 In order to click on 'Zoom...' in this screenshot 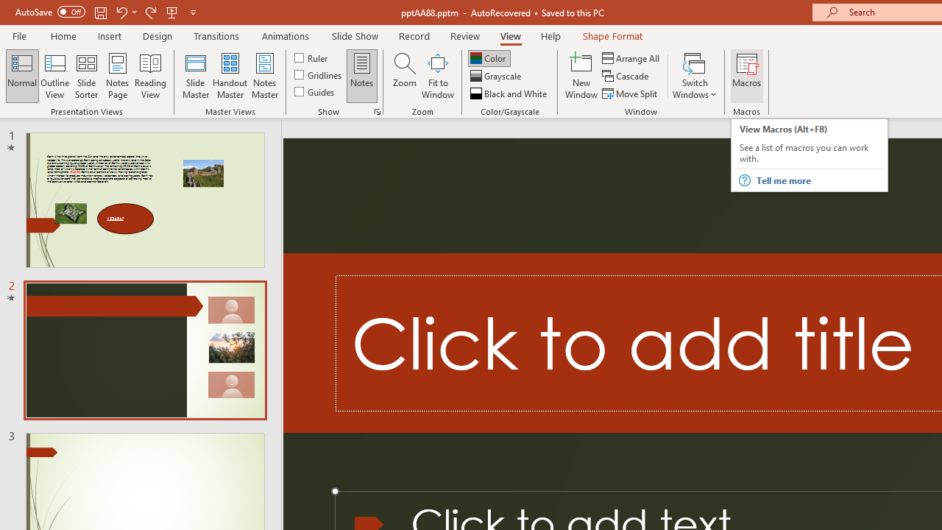, I will do `click(404, 76)`.